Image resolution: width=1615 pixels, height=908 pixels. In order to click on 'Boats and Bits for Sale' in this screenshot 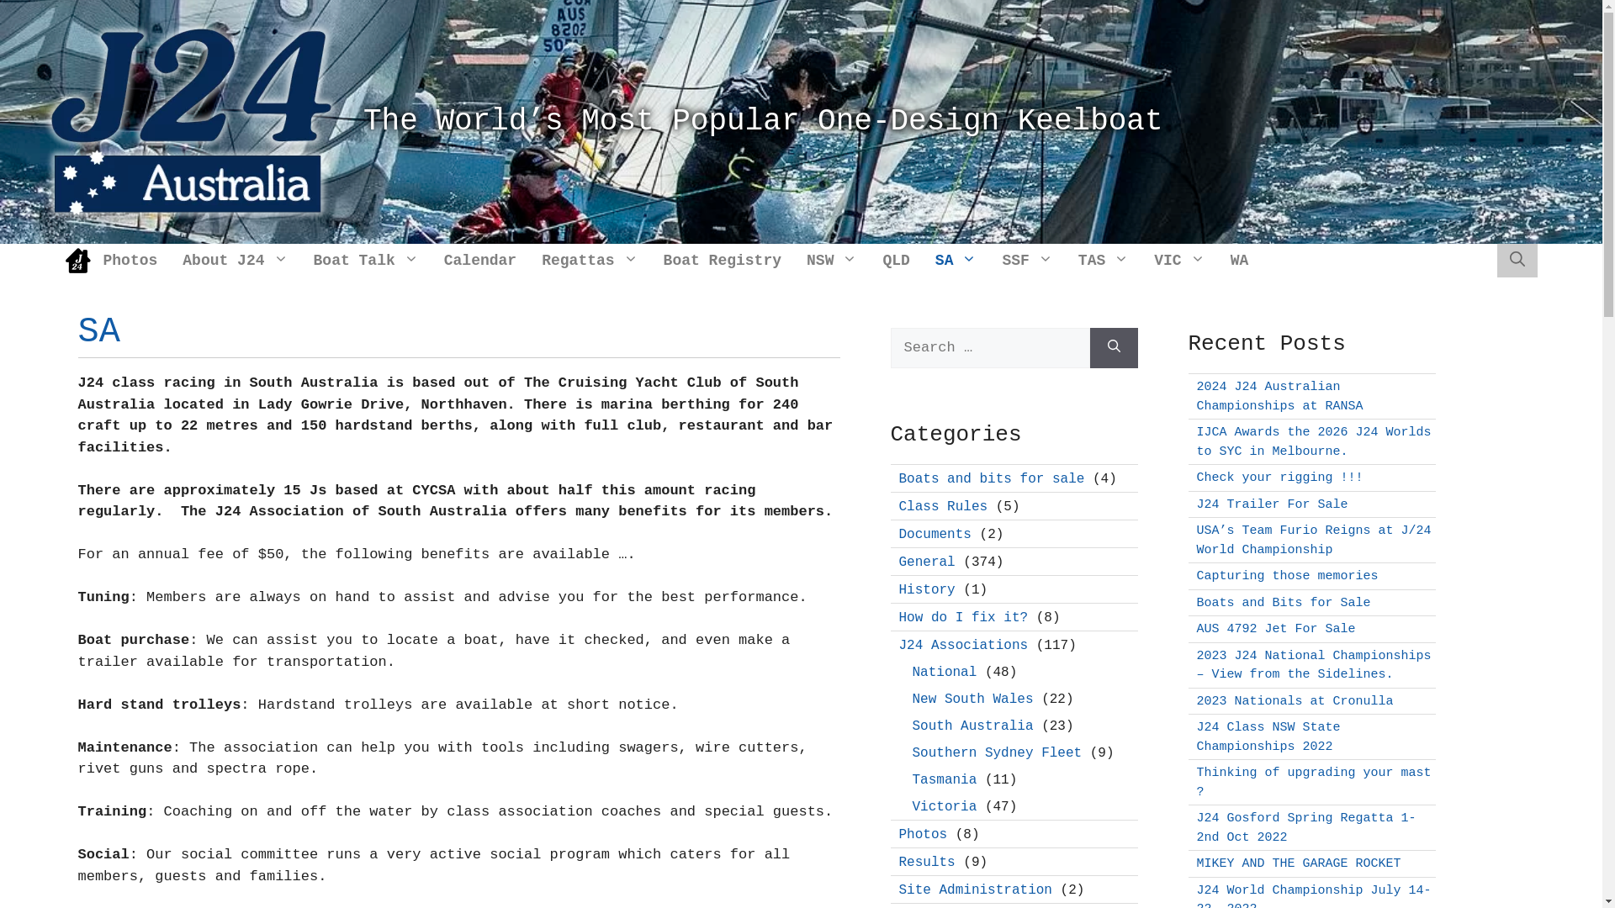, I will do `click(1282, 601)`.